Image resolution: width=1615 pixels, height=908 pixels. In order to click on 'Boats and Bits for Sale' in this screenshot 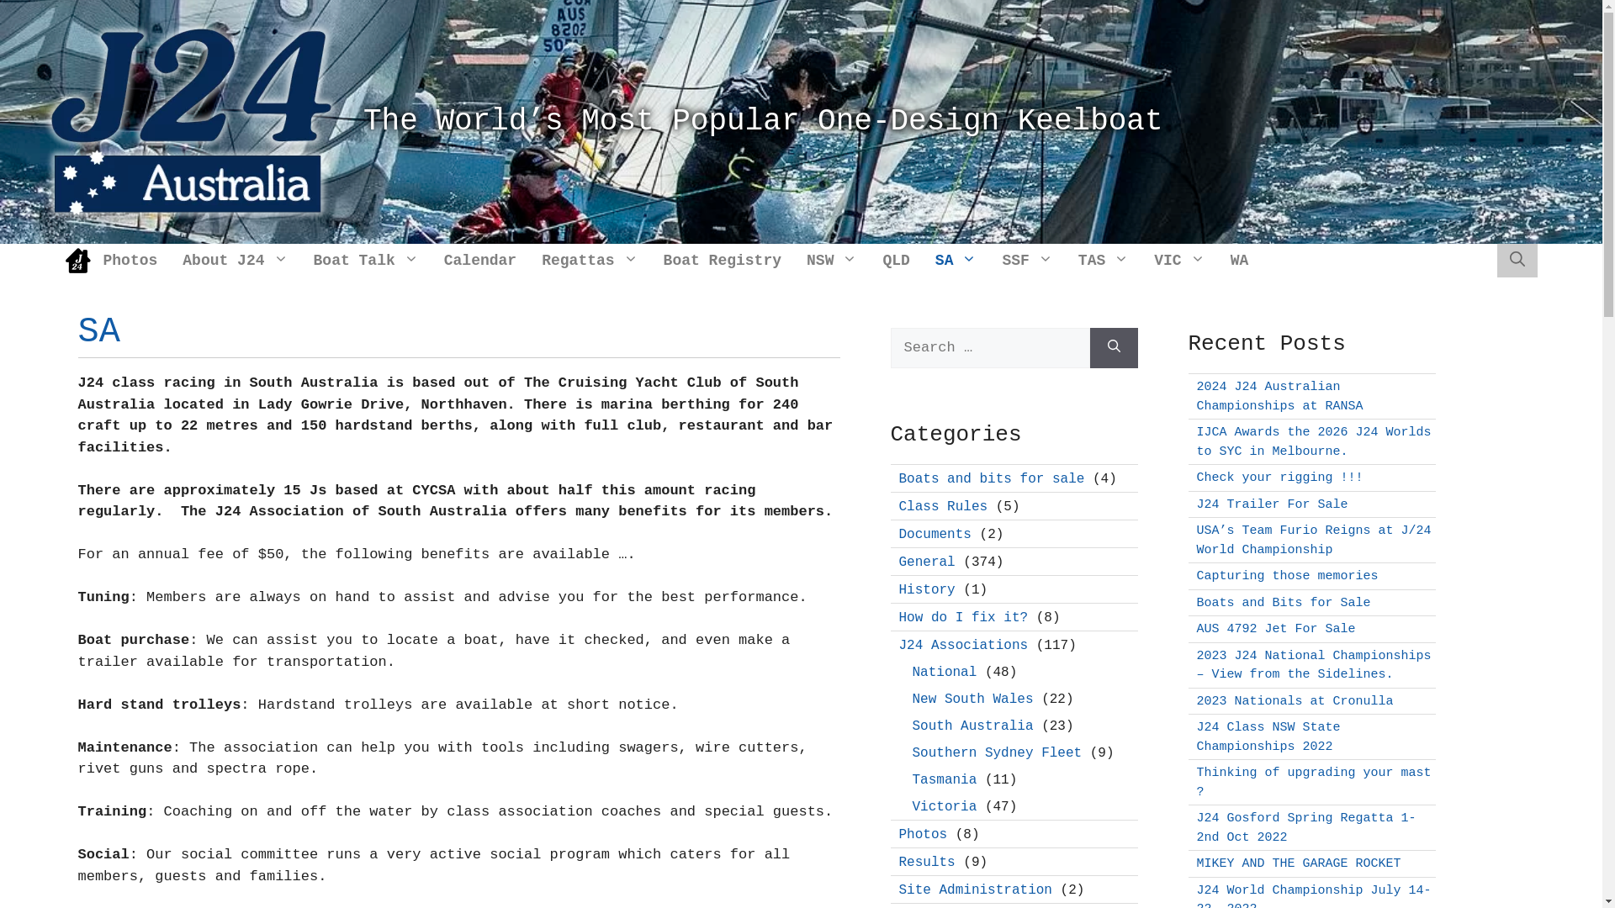, I will do `click(1282, 601)`.